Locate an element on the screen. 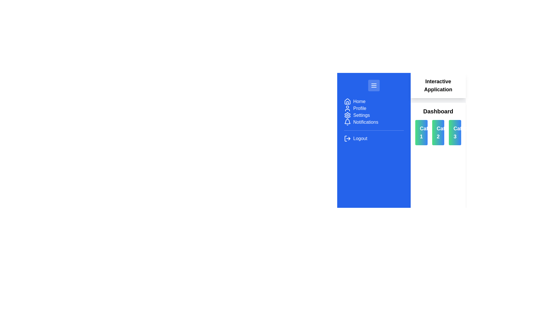 This screenshot has height=310, width=551. the 'Settings' text element located beneath the 'Profile' text in the navigation section is located at coordinates (361, 115).